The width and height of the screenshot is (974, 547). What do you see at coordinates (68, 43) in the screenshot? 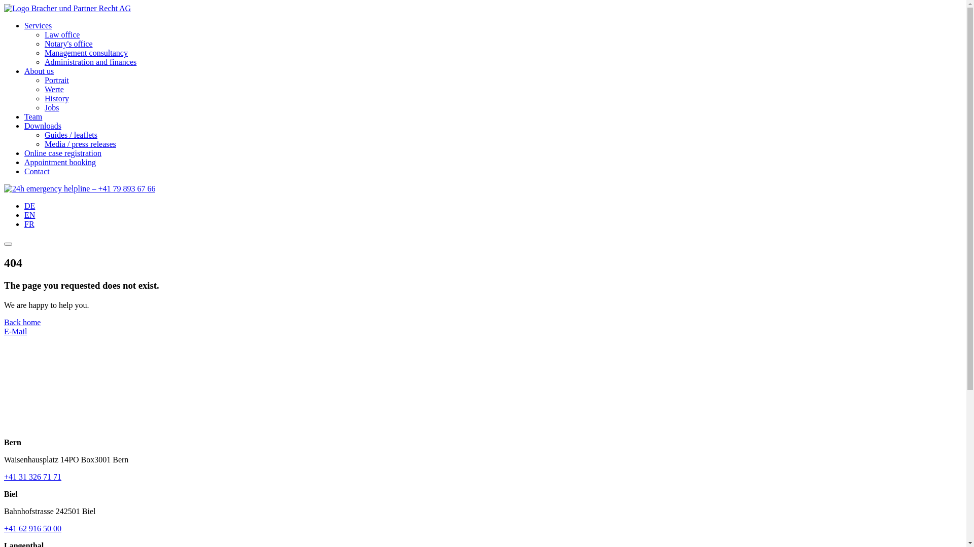
I see `'Notary's office'` at bounding box center [68, 43].